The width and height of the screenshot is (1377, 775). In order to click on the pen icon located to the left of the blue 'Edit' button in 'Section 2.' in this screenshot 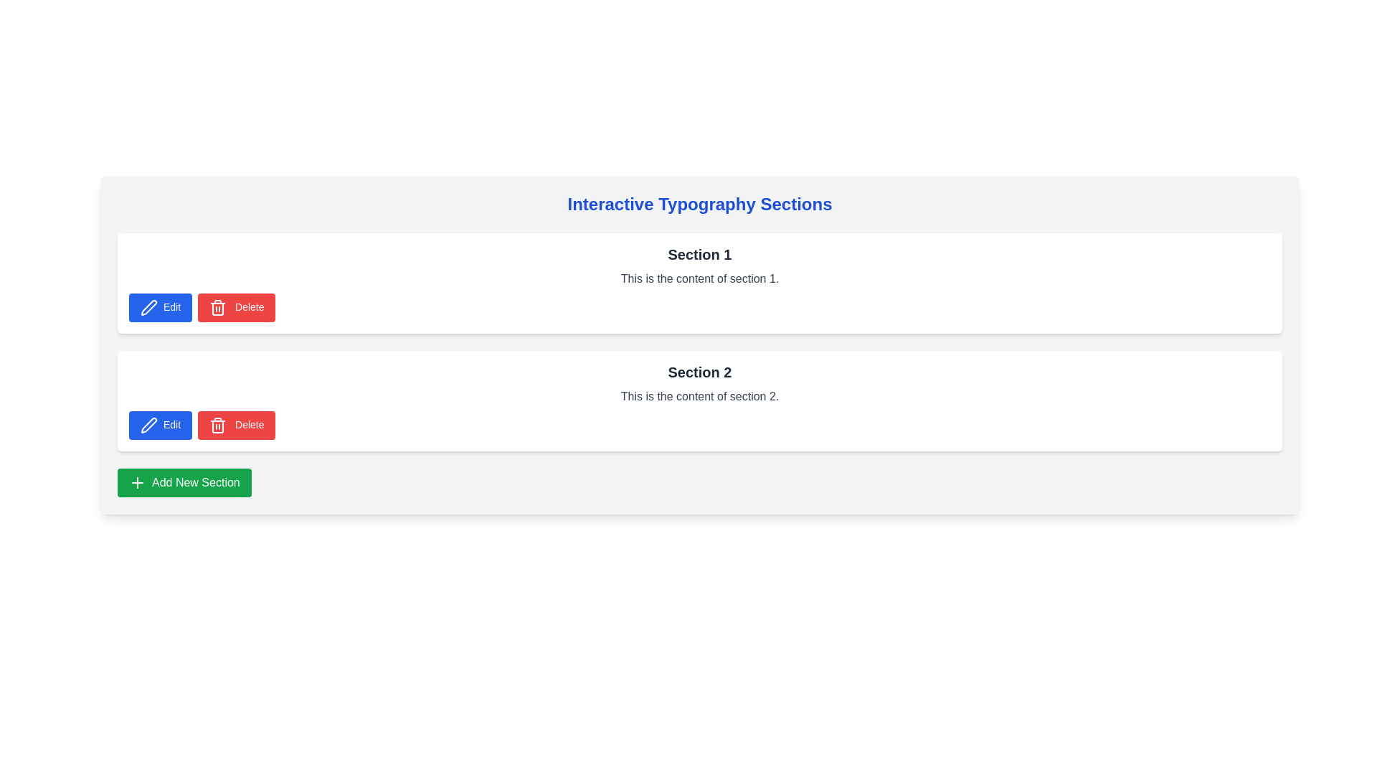, I will do `click(148, 425)`.